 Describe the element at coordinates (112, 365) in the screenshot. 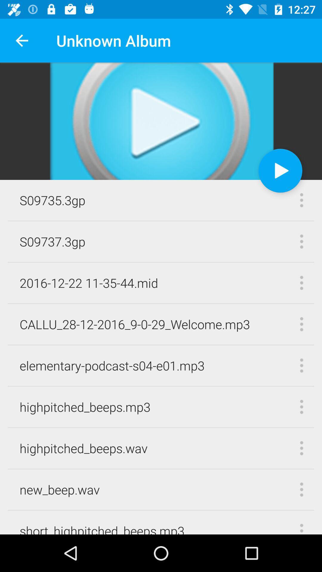

I see `the elementary podcast s04 item` at that location.